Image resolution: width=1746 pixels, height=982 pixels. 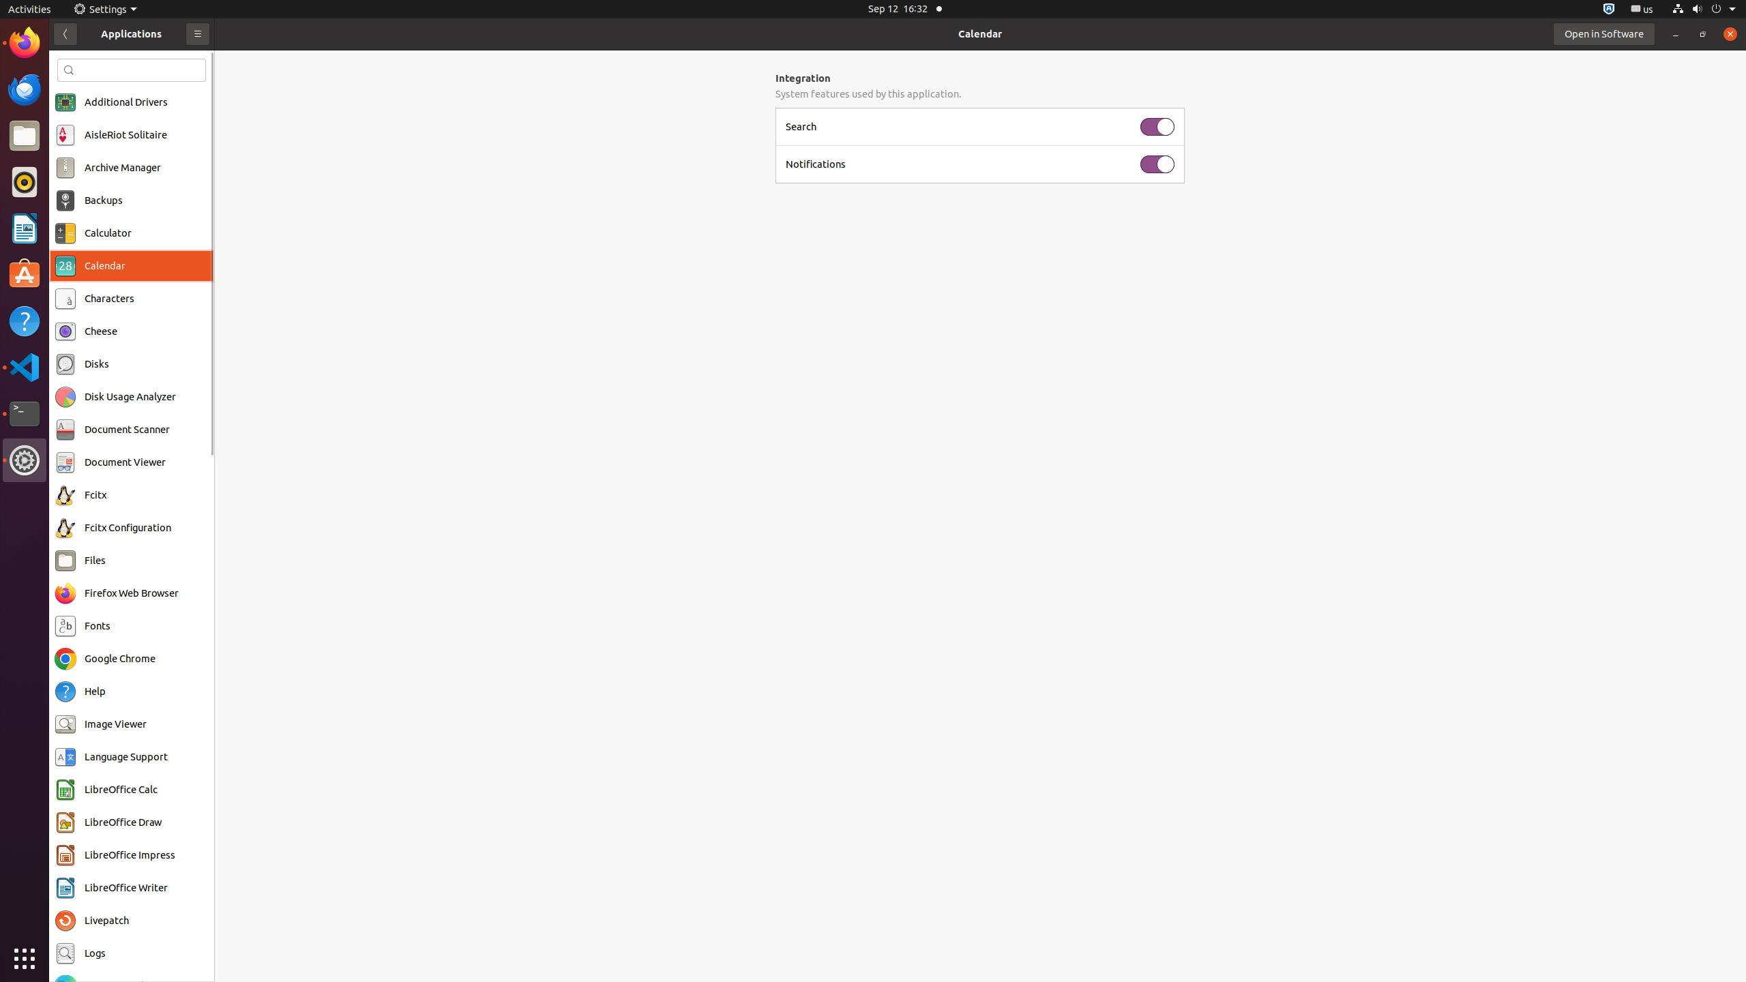 I want to click on 'Fonts', so click(x=97, y=625).